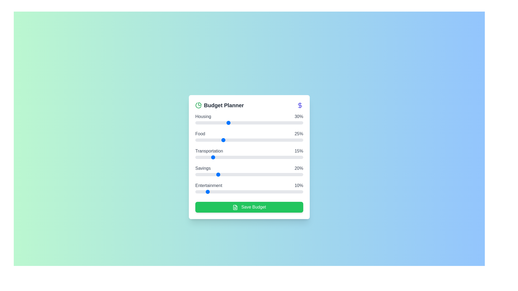  What do you see at coordinates (272, 123) in the screenshot?
I see `the 'Housing' slider to 71% allocation` at bounding box center [272, 123].